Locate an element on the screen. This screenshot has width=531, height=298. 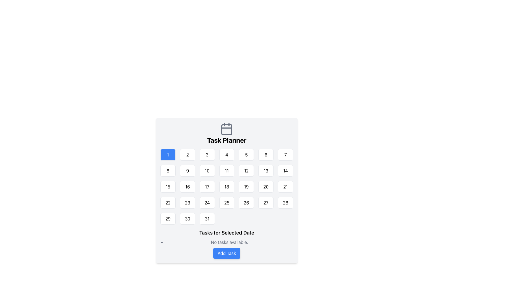
the button labeled '23' which is styled with rounded corners and changes to light blue when hovered, located in the 6th row and 2nd column of the calendar grid is located at coordinates (188, 203).